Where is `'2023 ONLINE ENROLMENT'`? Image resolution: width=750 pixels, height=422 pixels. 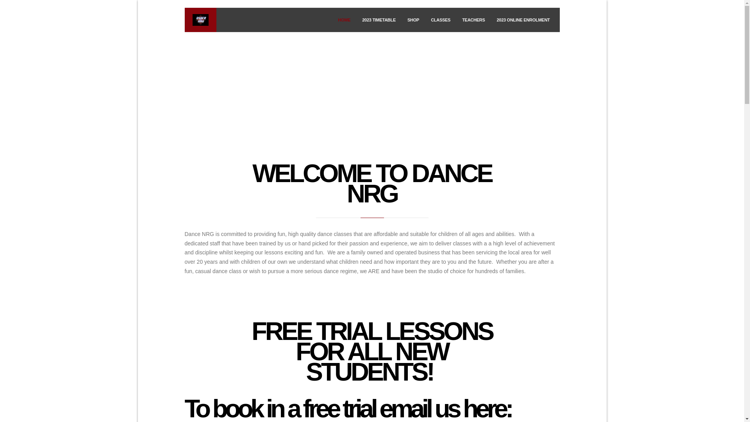 '2023 ONLINE ENROLMENT' is located at coordinates (523, 20).